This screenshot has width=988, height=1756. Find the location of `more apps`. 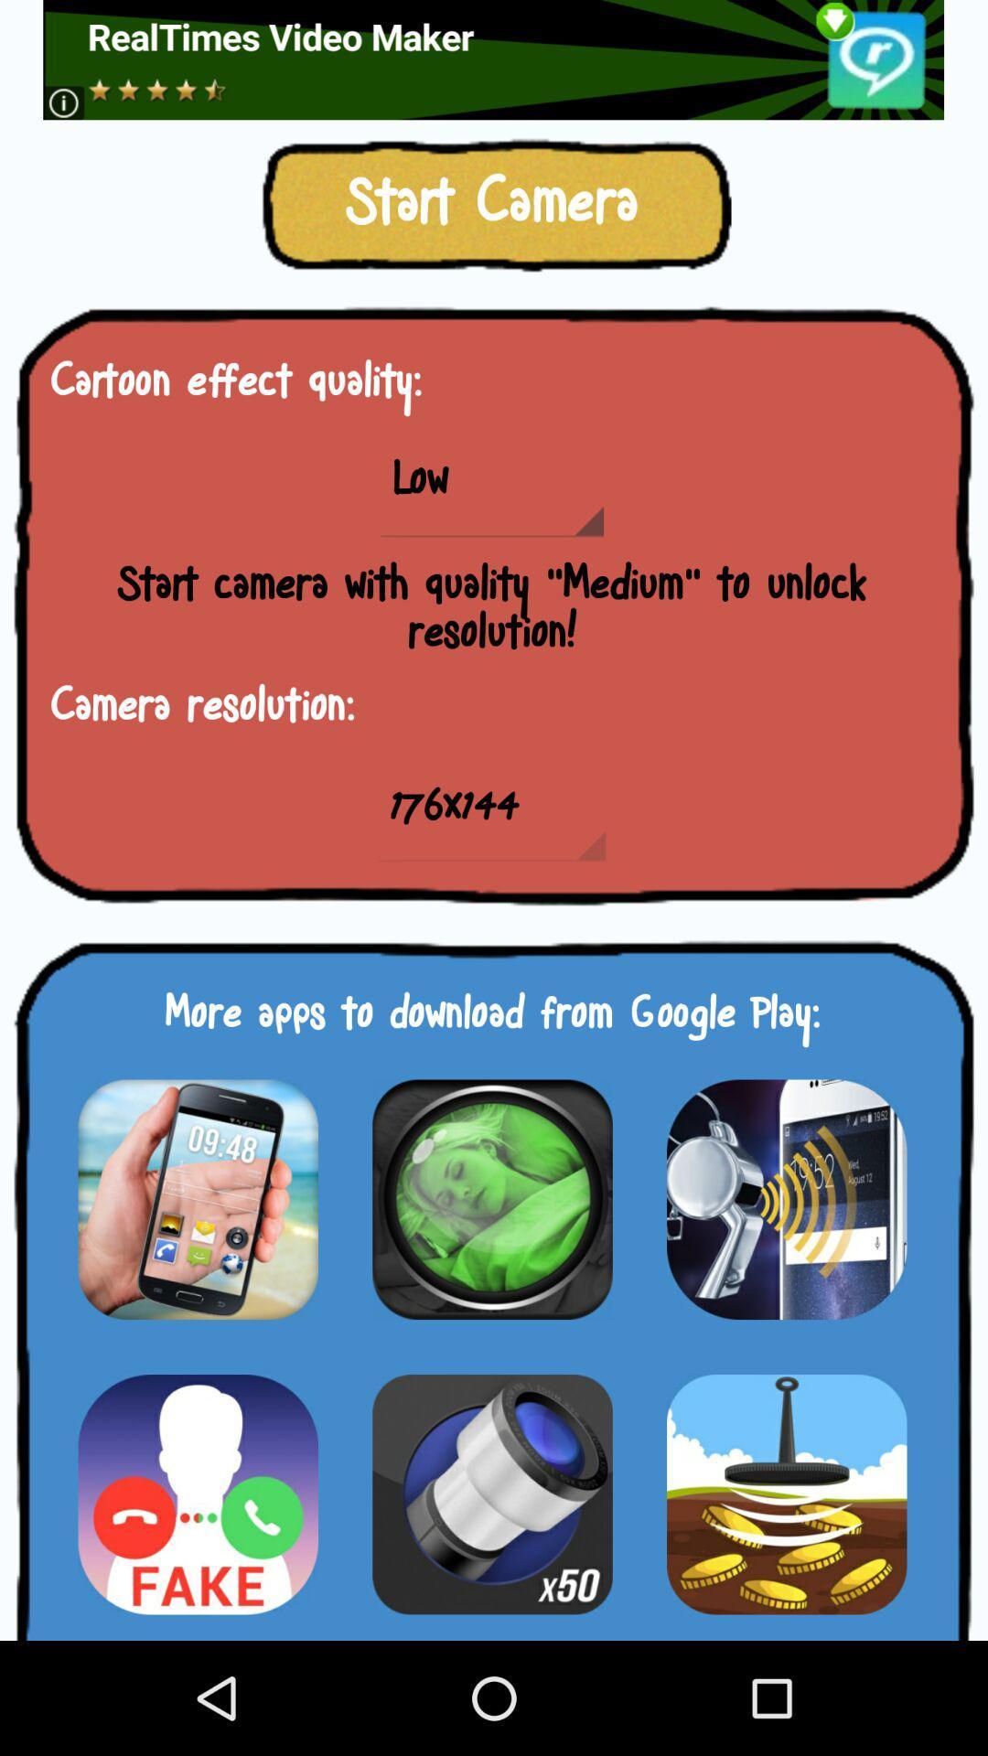

more apps is located at coordinates (491, 1199).